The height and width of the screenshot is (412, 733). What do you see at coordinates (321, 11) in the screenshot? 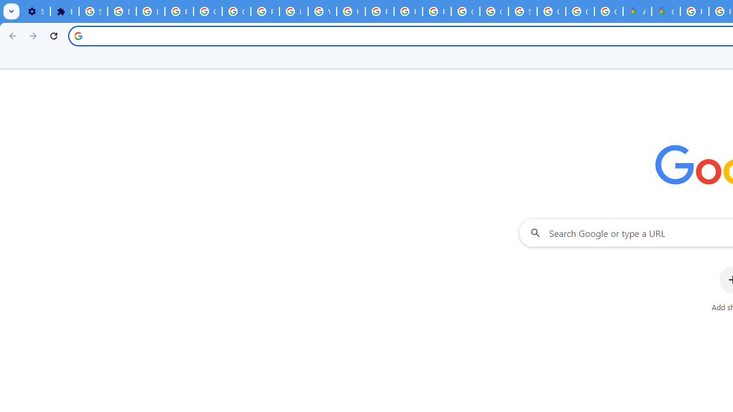
I see `'YouTube'` at bounding box center [321, 11].